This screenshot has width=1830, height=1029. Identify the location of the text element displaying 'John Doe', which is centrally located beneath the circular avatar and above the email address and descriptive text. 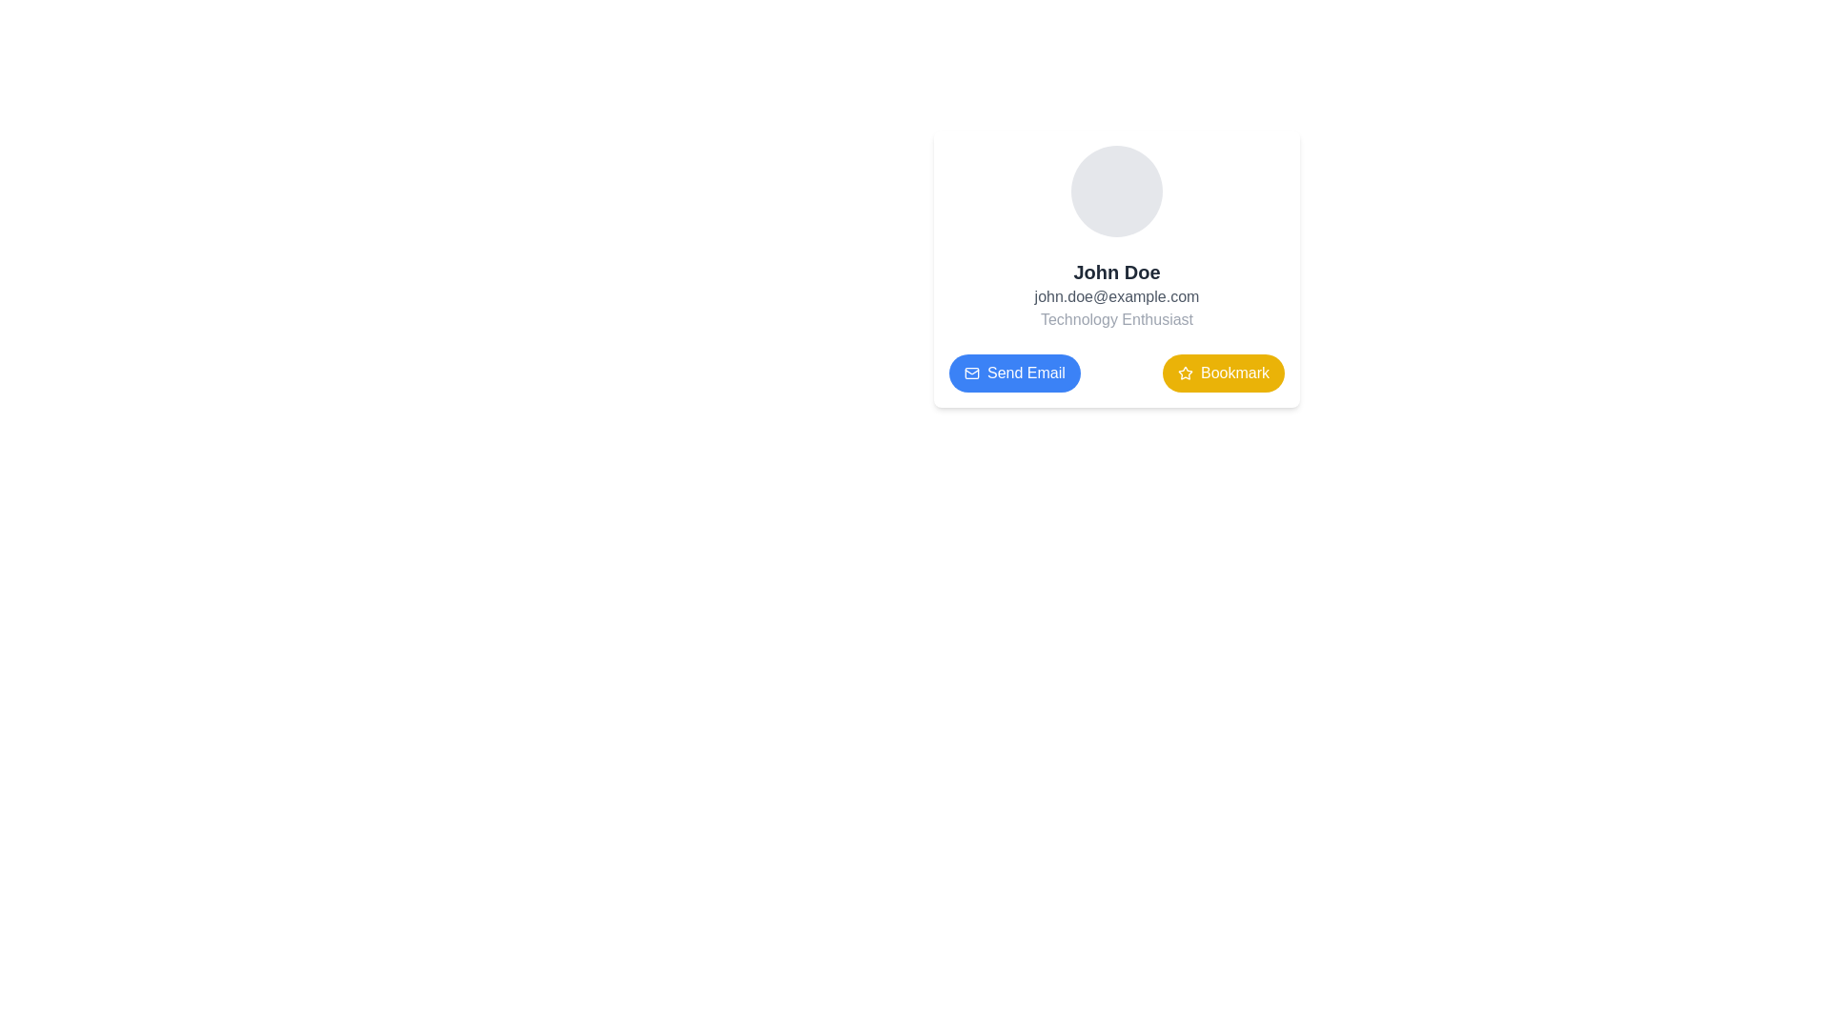
(1116, 272).